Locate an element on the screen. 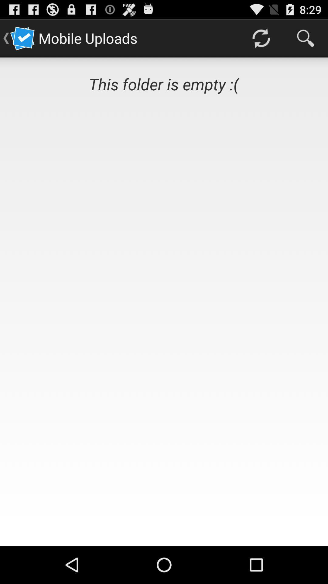  item to the right of the mobile uploads app is located at coordinates (261, 38).